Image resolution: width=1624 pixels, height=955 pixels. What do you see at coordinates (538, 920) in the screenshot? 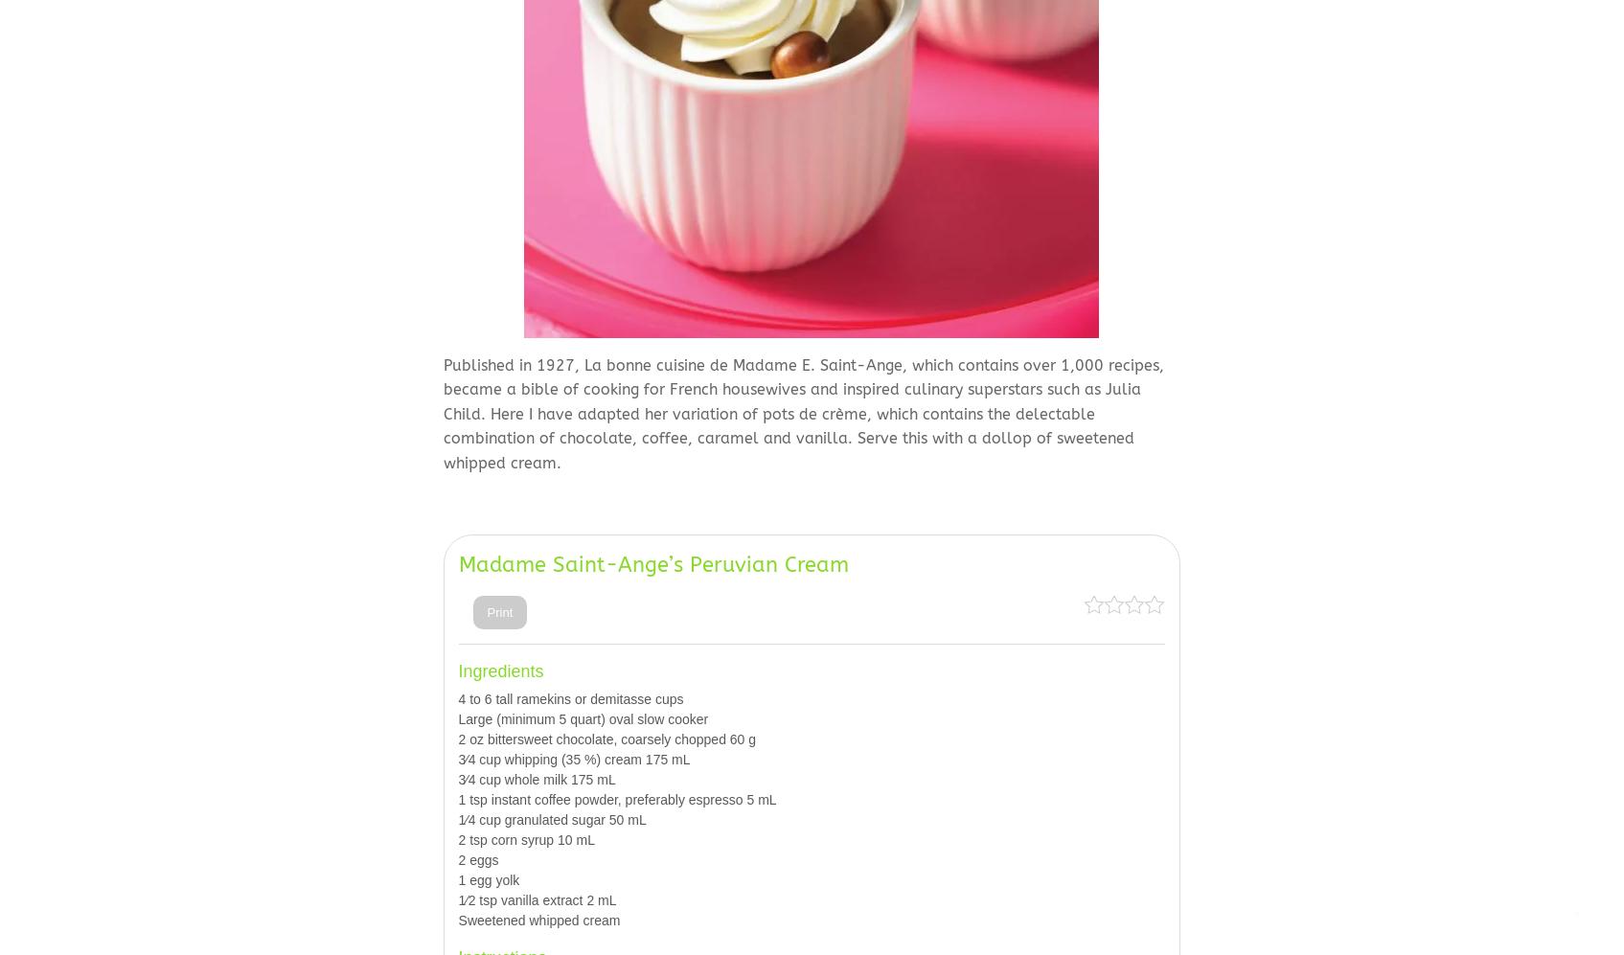
I see `'Sweetened whipped cream'` at bounding box center [538, 920].